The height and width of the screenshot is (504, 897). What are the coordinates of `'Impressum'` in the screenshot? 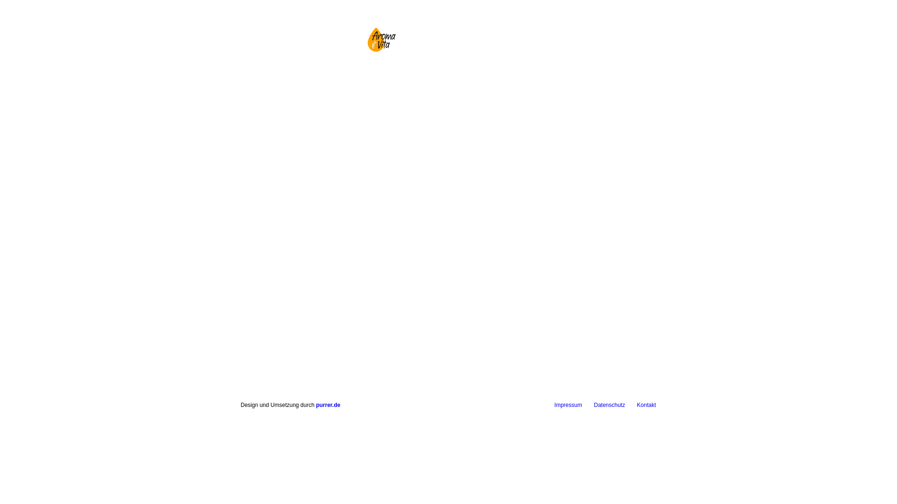 It's located at (568, 404).